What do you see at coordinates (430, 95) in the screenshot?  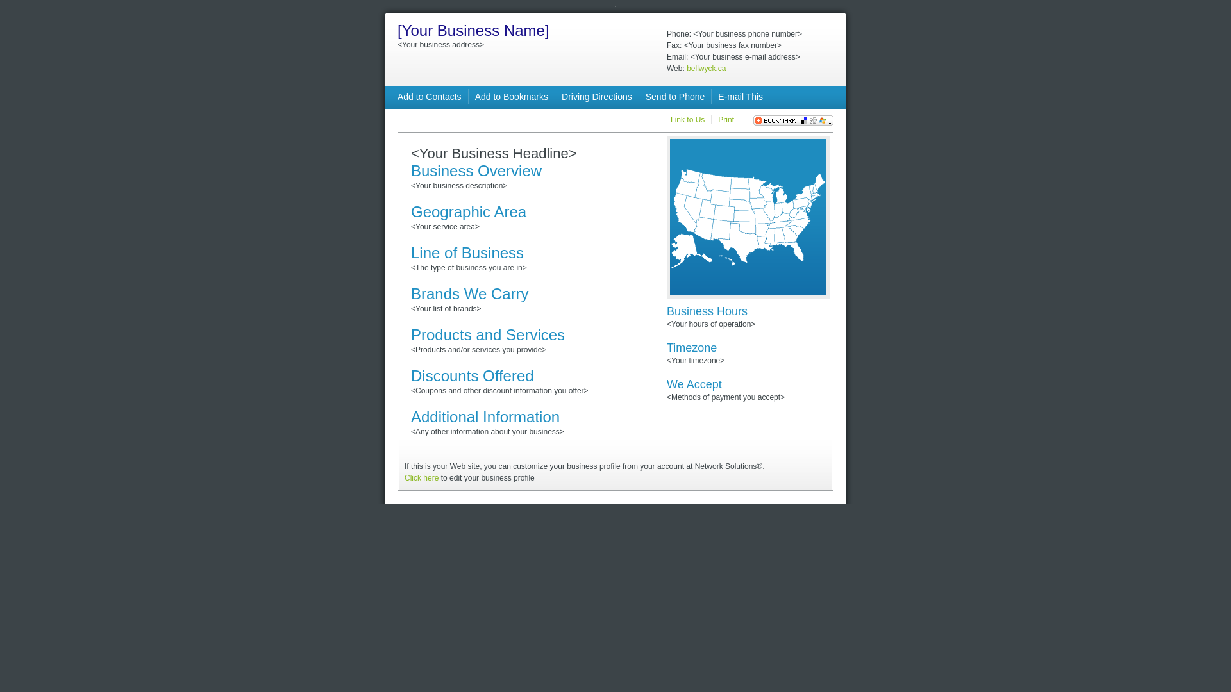 I see `'Add to Contacts'` at bounding box center [430, 95].